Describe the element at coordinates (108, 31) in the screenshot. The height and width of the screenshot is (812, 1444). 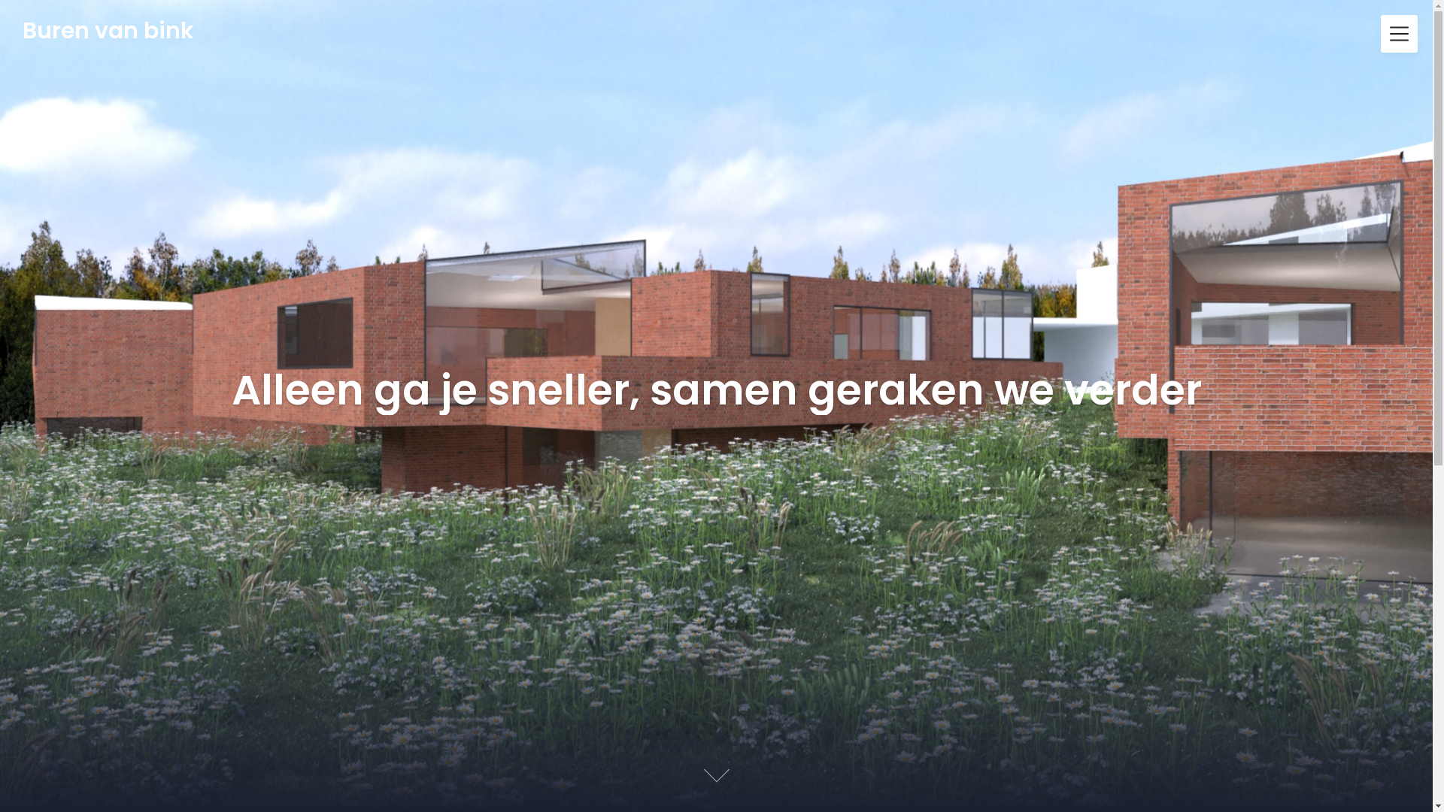
I see `'Buren van bink'` at that location.